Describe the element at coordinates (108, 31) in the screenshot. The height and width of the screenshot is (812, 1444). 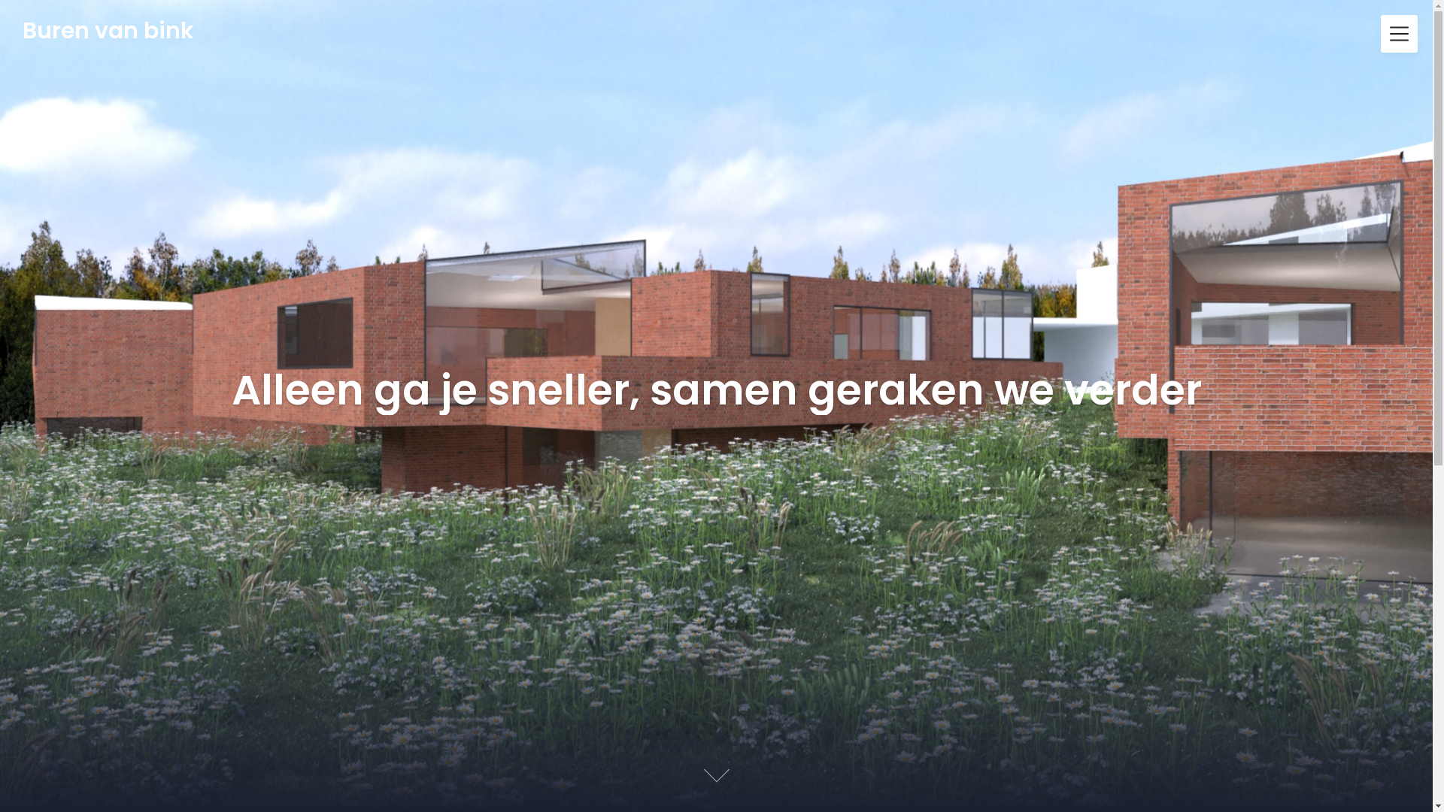
I see `'Buren van bink'` at that location.